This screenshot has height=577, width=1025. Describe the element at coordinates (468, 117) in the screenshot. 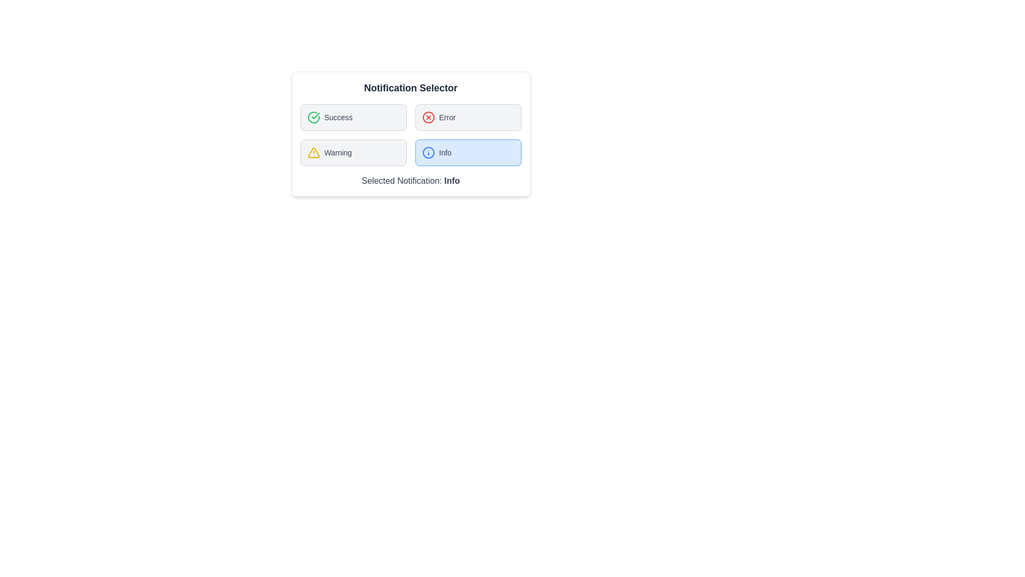

I see `the notification type Error by clicking its corresponding button` at that location.